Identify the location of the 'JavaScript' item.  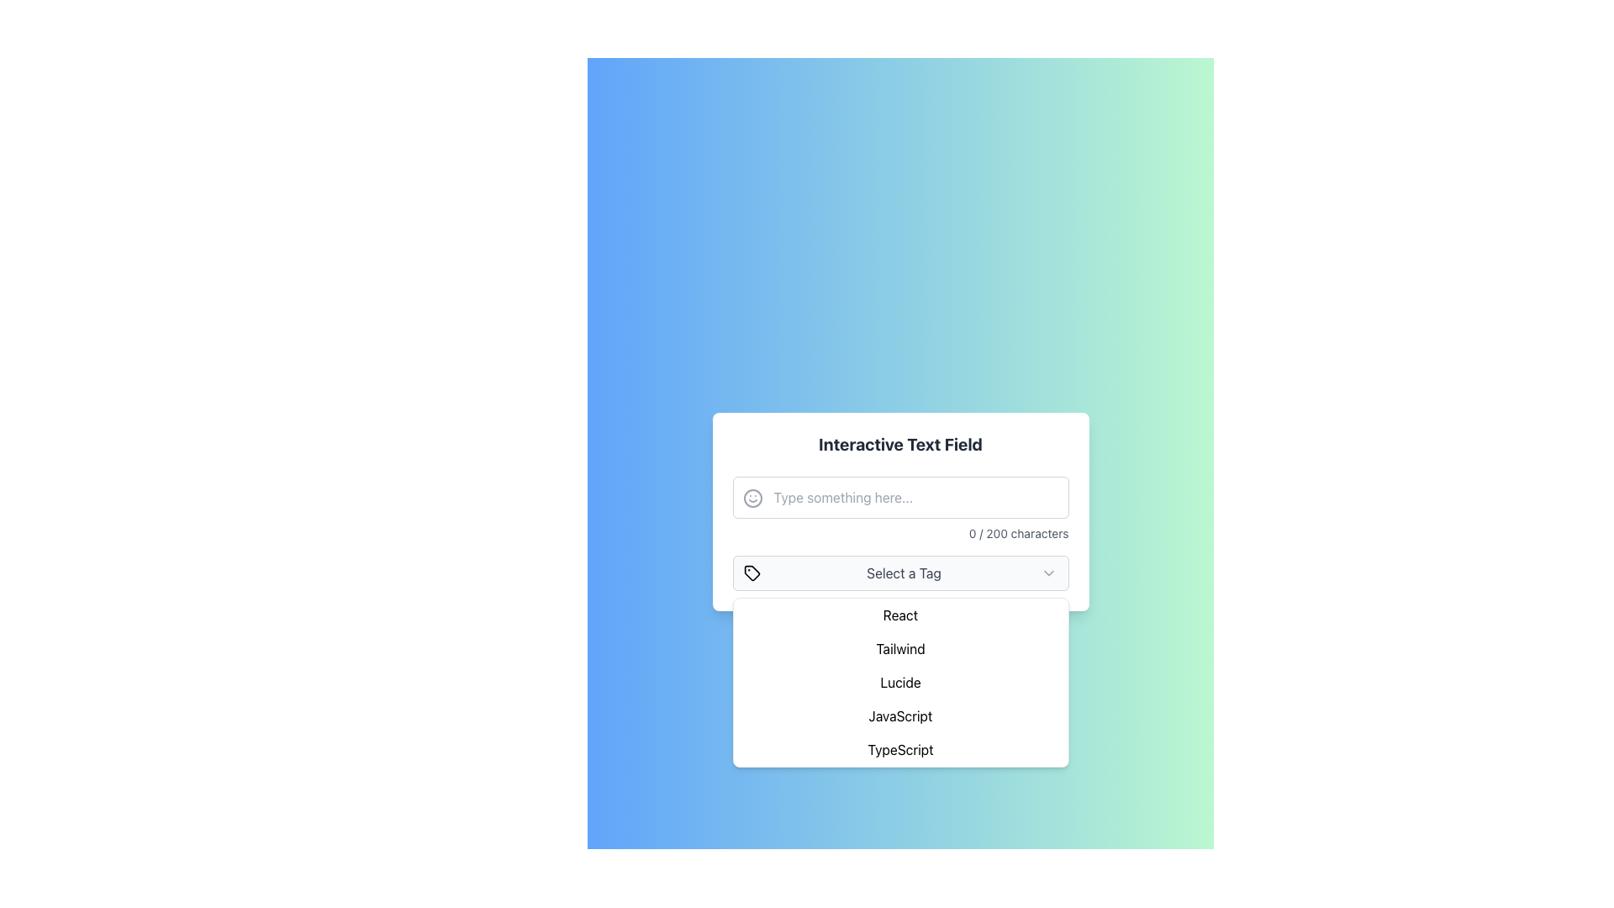
(899, 716).